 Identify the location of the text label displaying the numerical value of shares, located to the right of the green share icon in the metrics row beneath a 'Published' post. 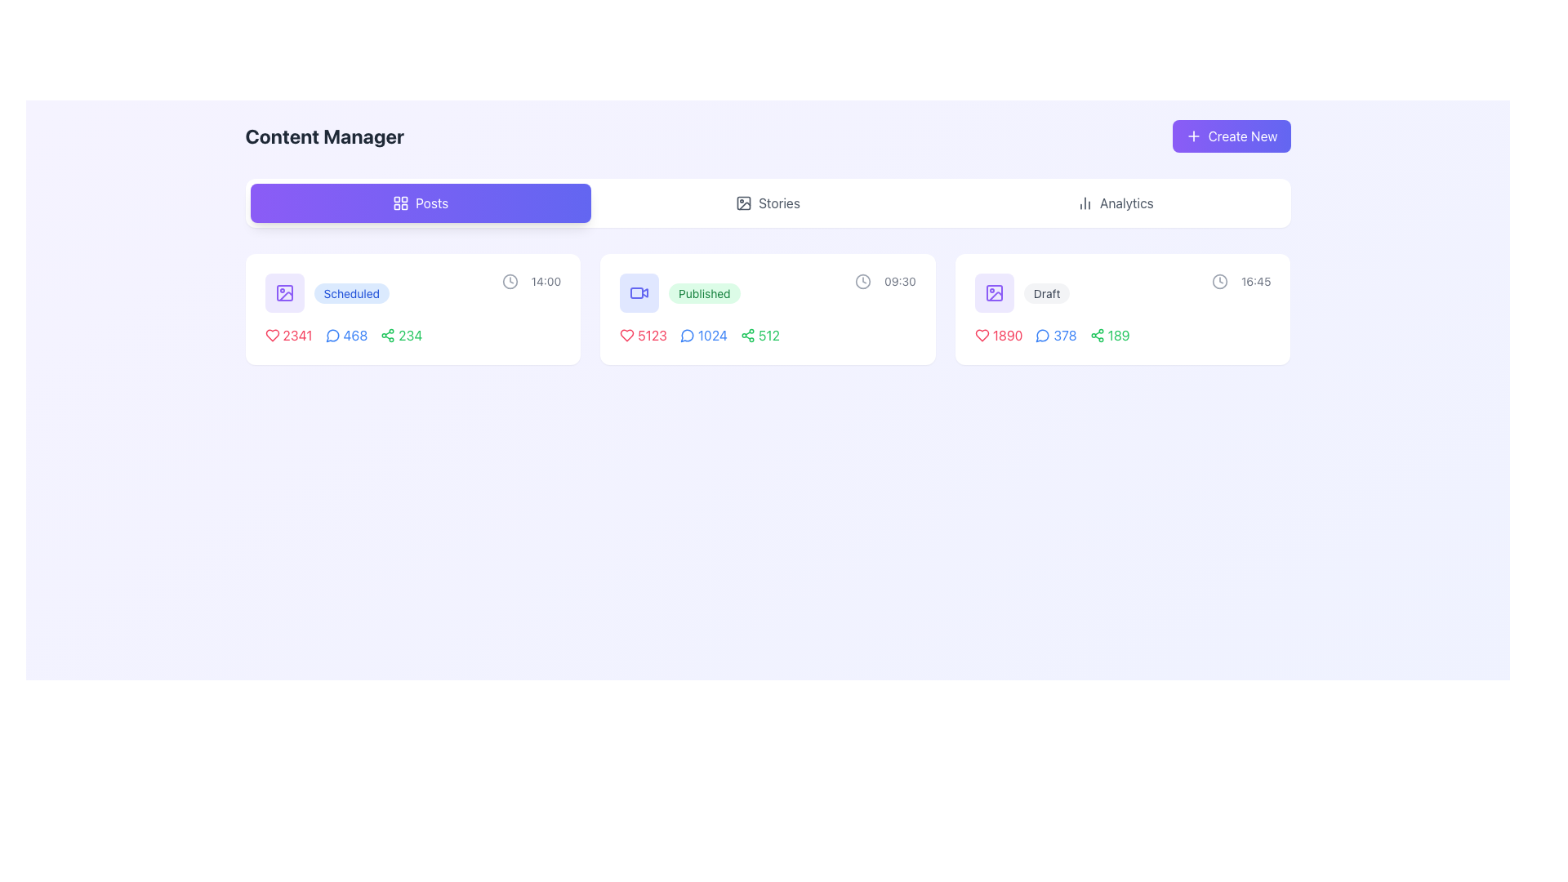
(768, 335).